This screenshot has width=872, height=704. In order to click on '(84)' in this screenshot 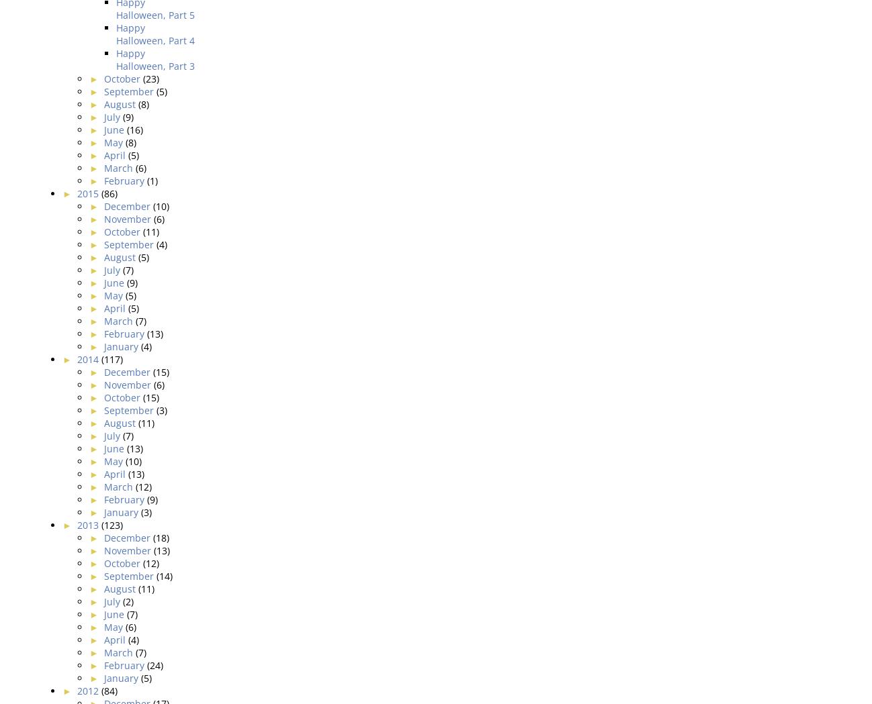, I will do `click(107, 690)`.